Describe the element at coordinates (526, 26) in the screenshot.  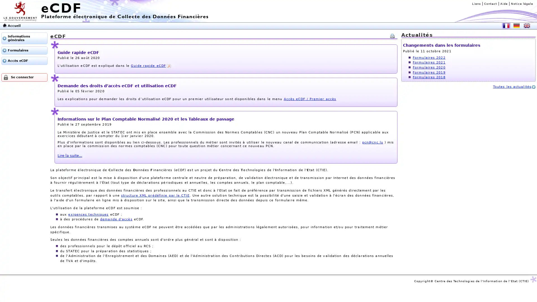
I see `[EN]` at that location.